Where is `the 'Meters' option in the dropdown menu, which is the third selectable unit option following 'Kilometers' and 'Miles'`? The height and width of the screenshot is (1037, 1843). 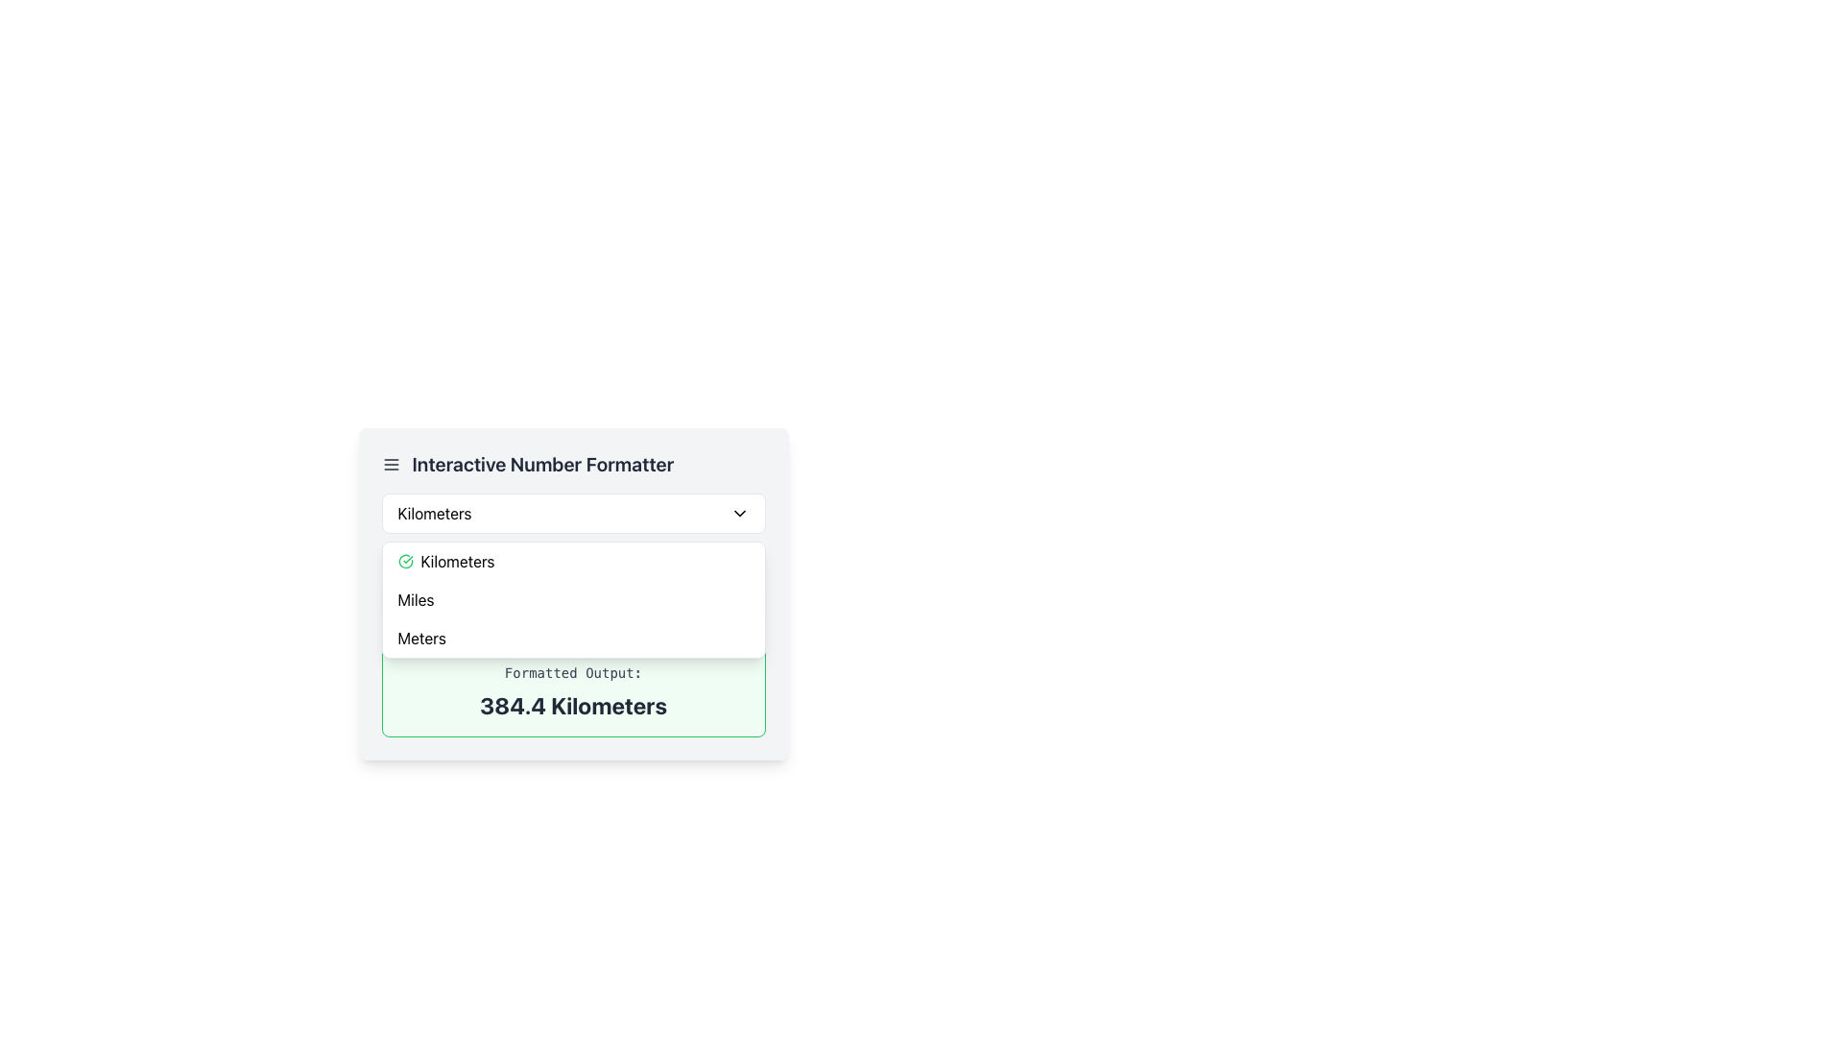 the 'Meters' option in the dropdown menu, which is the third selectable unit option following 'Kilometers' and 'Miles' is located at coordinates (572, 638).